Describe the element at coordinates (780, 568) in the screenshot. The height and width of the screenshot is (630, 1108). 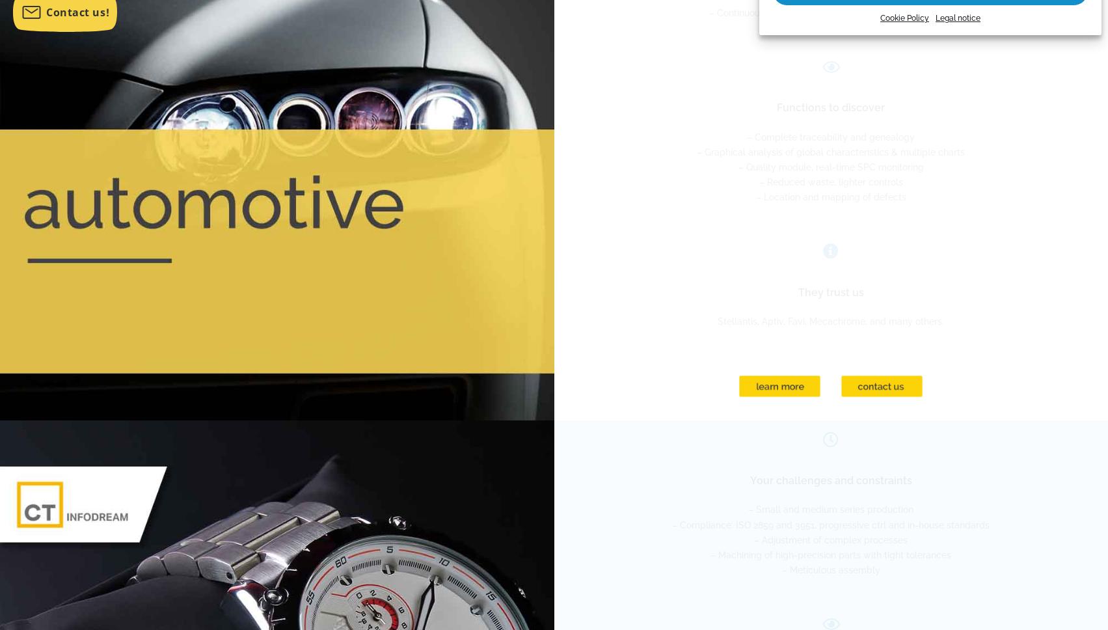
I see `'– Meticulous assembly'` at that location.